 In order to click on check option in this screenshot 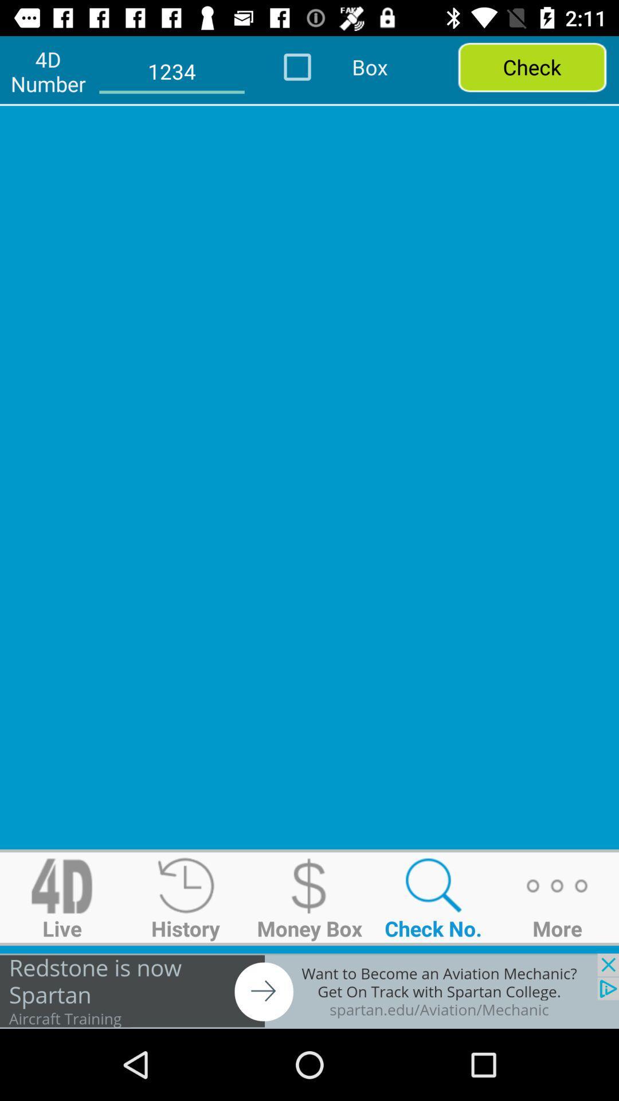, I will do `click(532, 66)`.